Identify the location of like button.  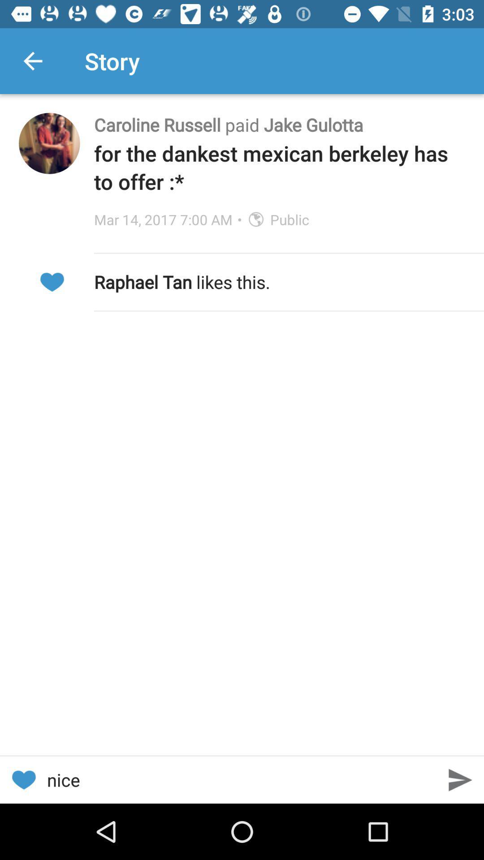
(52, 281).